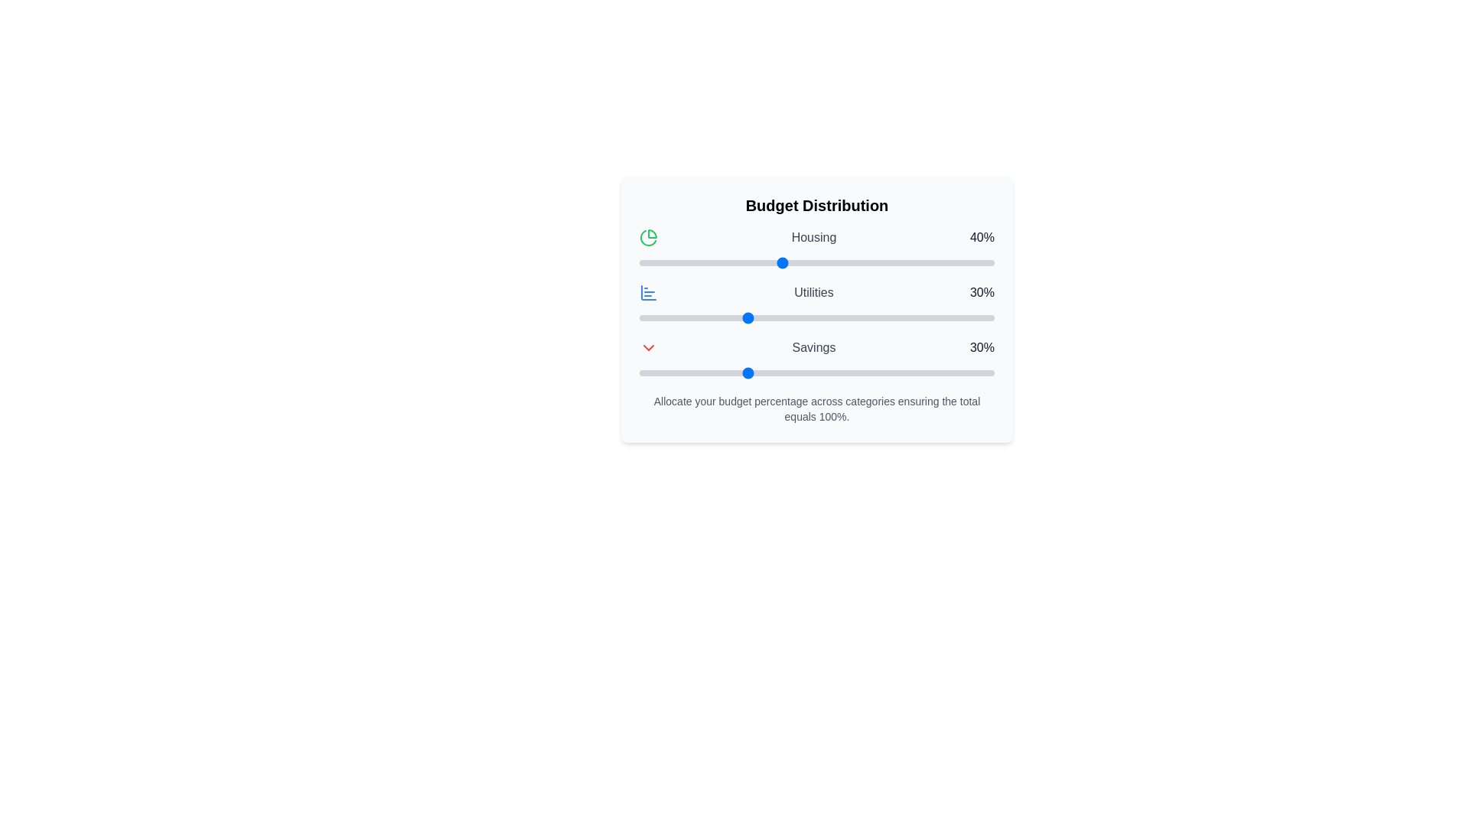 The width and height of the screenshot is (1469, 826). What do you see at coordinates (841, 262) in the screenshot?
I see `housing budget` at bounding box center [841, 262].